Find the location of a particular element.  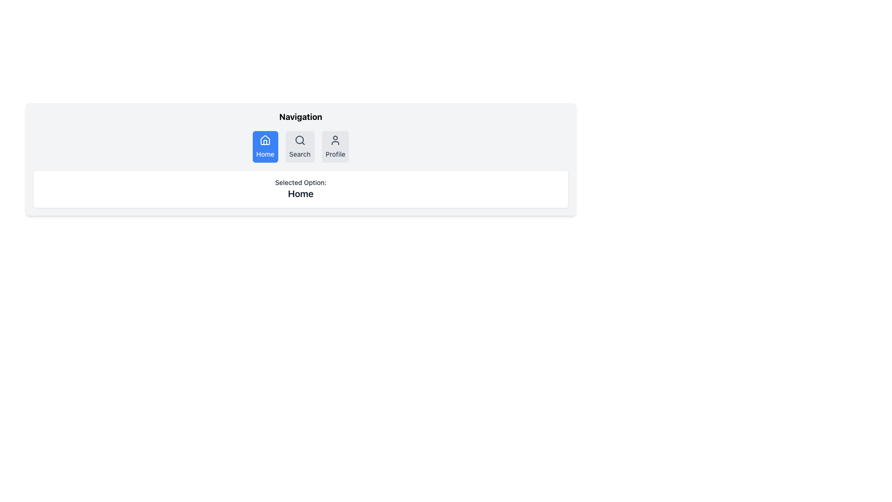

the circular search icon with a transparent fill and dark stroke located in the navigation bar, which is part of the magnifying glass symbol is located at coordinates (299, 139).